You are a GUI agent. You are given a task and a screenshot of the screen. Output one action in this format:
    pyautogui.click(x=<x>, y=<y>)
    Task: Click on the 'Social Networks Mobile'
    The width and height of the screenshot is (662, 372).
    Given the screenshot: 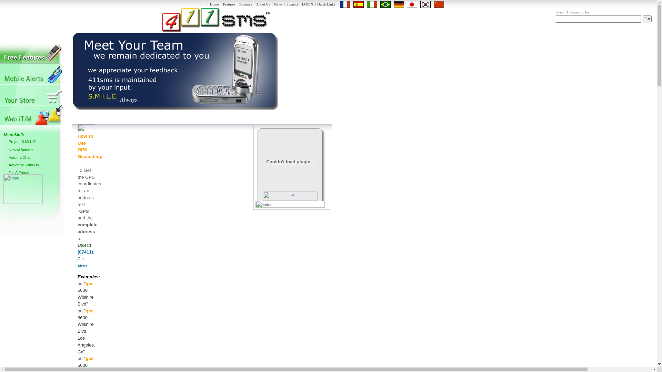 What is the action you would take?
    pyautogui.click(x=0, y=94)
    